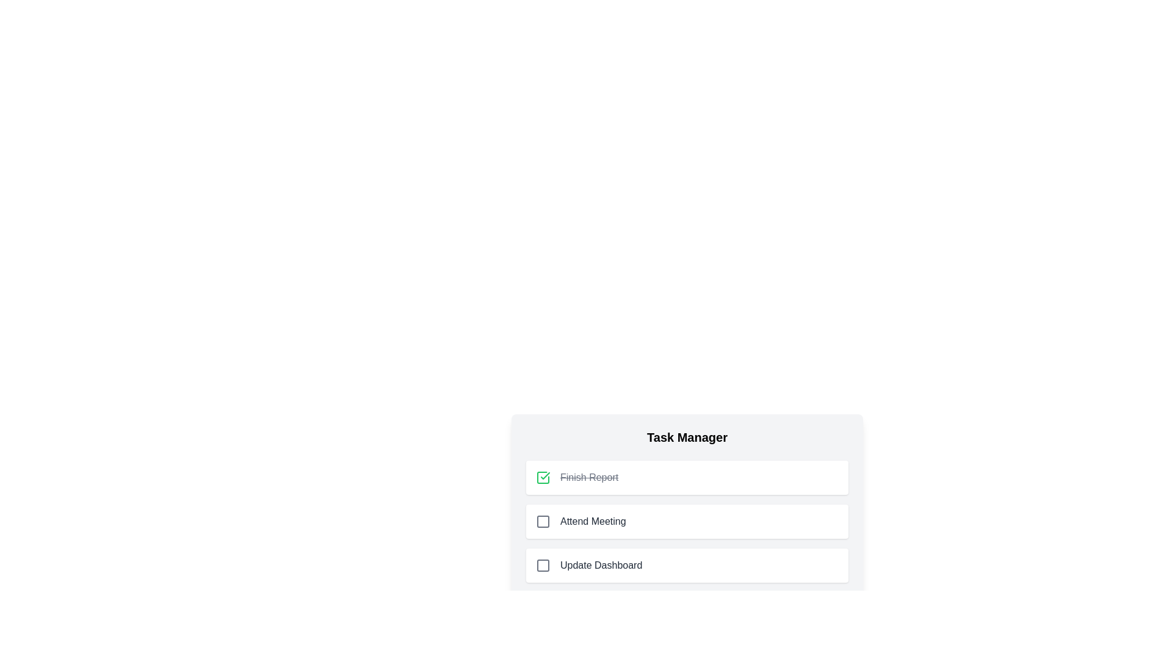  I want to click on the checkbox indicator for the 'Finish Report' task, so click(542, 477).